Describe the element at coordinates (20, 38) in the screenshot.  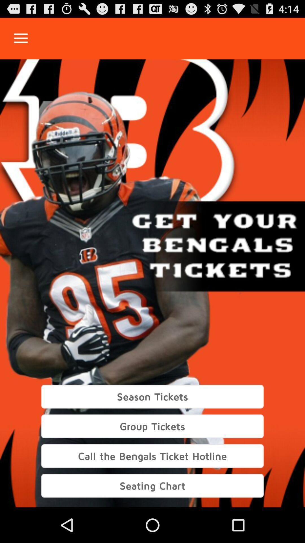
I see `home` at that location.